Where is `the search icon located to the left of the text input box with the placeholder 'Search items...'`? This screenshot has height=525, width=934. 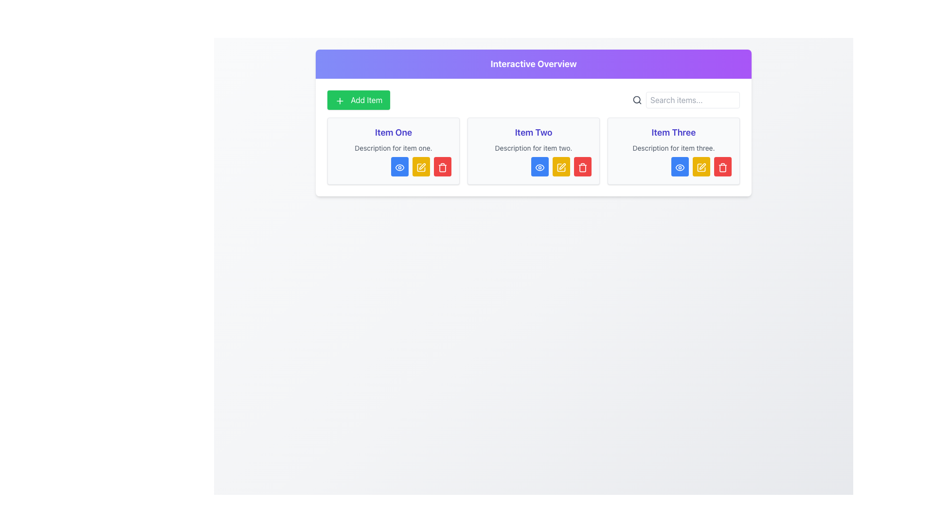
the search icon located to the left of the text input box with the placeholder 'Search items...' is located at coordinates (637, 100).